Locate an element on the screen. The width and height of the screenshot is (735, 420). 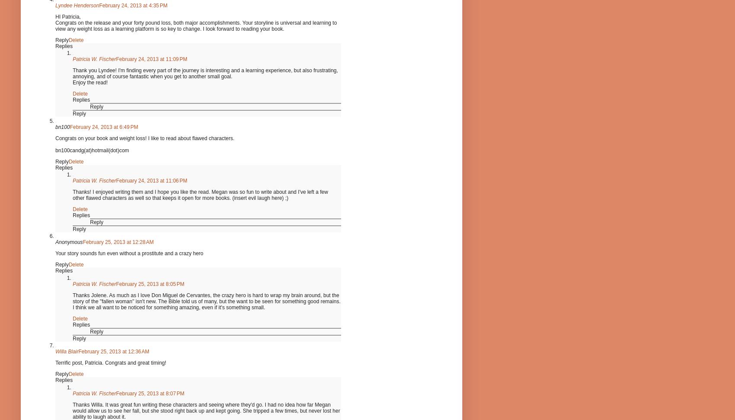
'Lyndee Henderson' is located at coordinates (77, 5).